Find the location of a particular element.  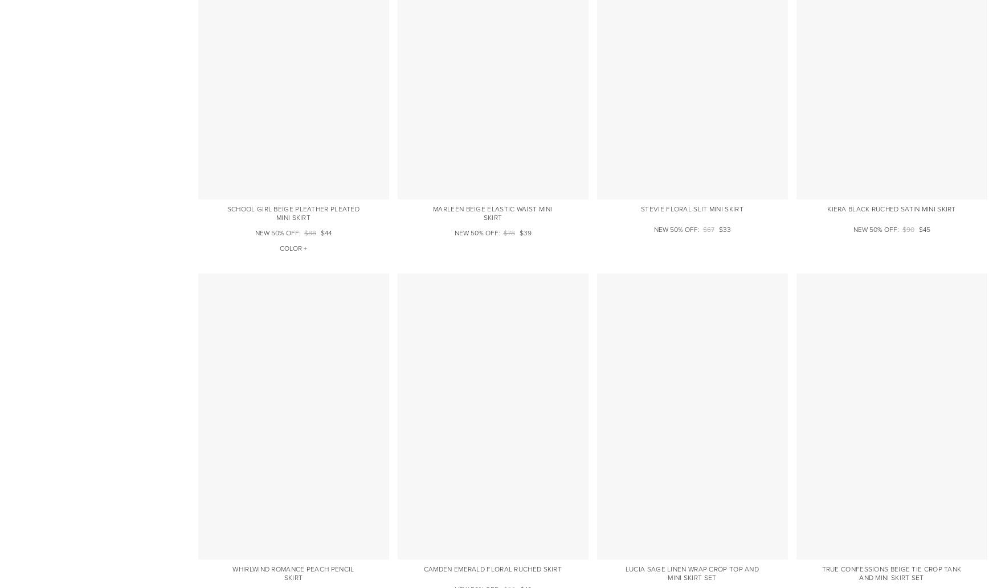

'Camden Emerald Floral Ruched Skirt' is located at coordinates (492, 569).